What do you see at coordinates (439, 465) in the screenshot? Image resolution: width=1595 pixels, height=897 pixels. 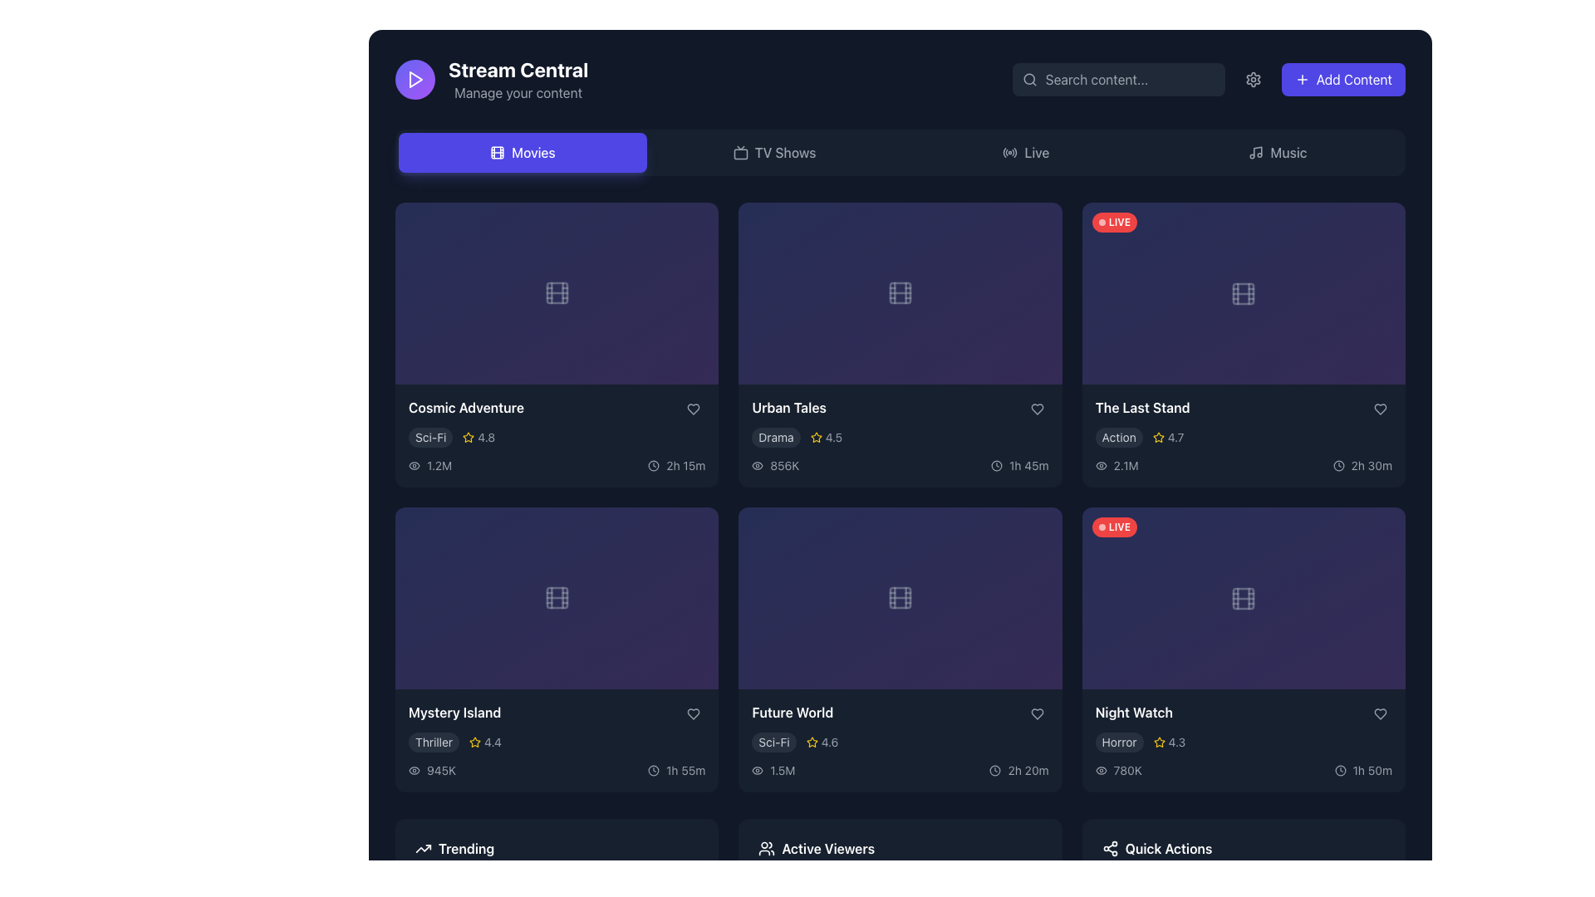 I see `the static text displaying the view count '1.2M' located in the bottom left panel of the item labeled 'Cosmic Adventure'` at bounding box center [439, 465].